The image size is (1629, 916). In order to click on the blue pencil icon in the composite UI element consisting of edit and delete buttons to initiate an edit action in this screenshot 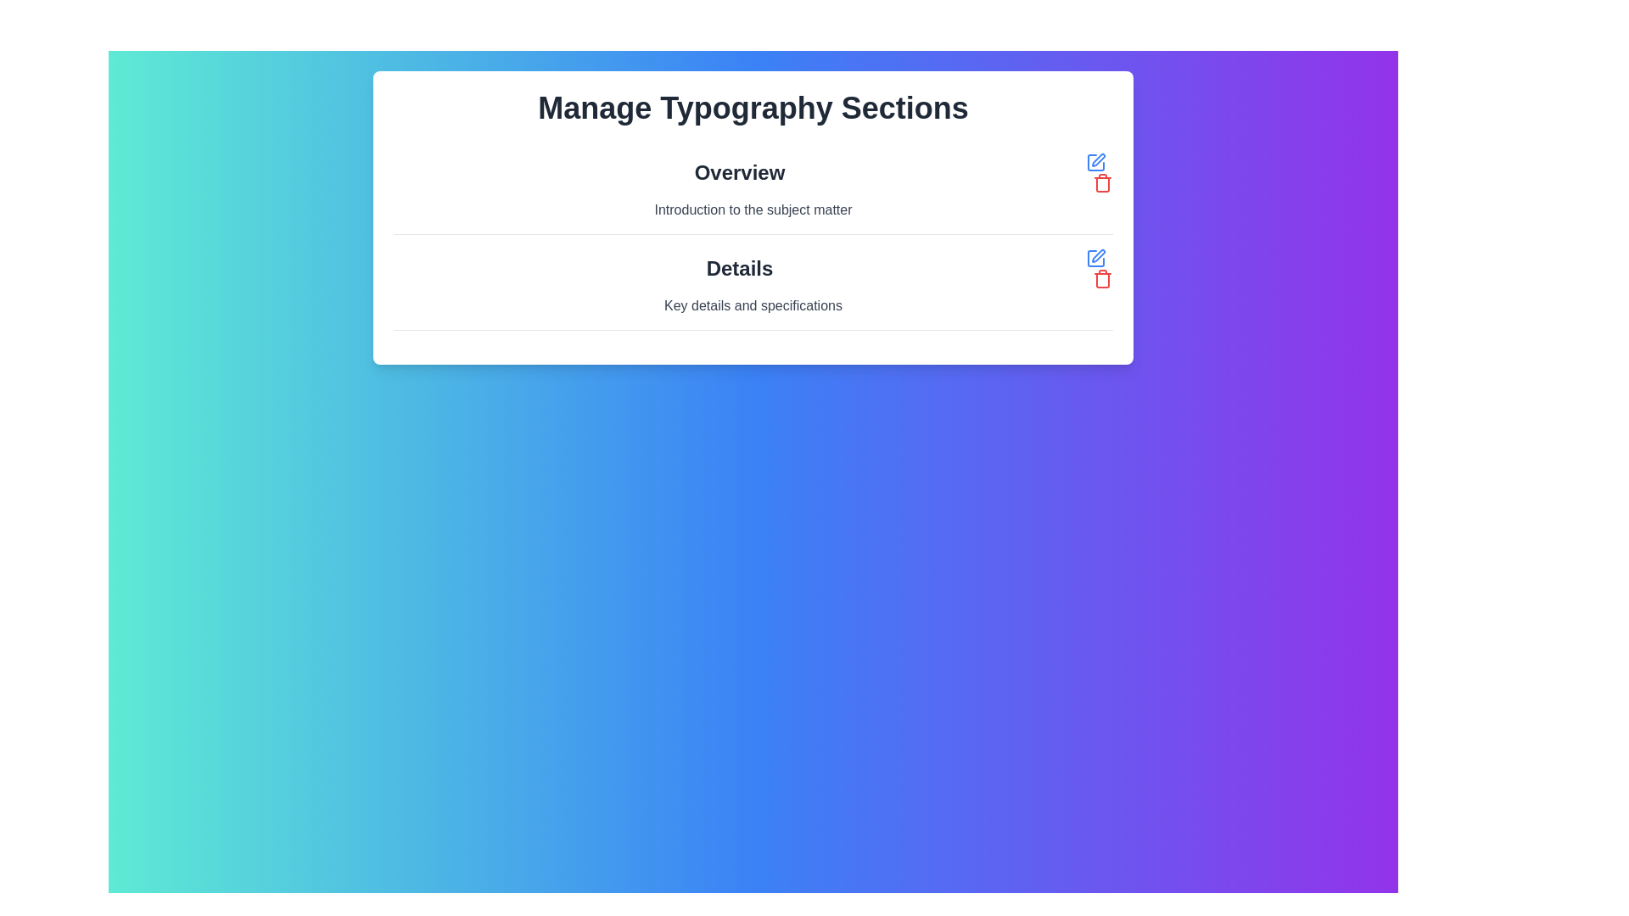, I will do `click(1100, 173)`.